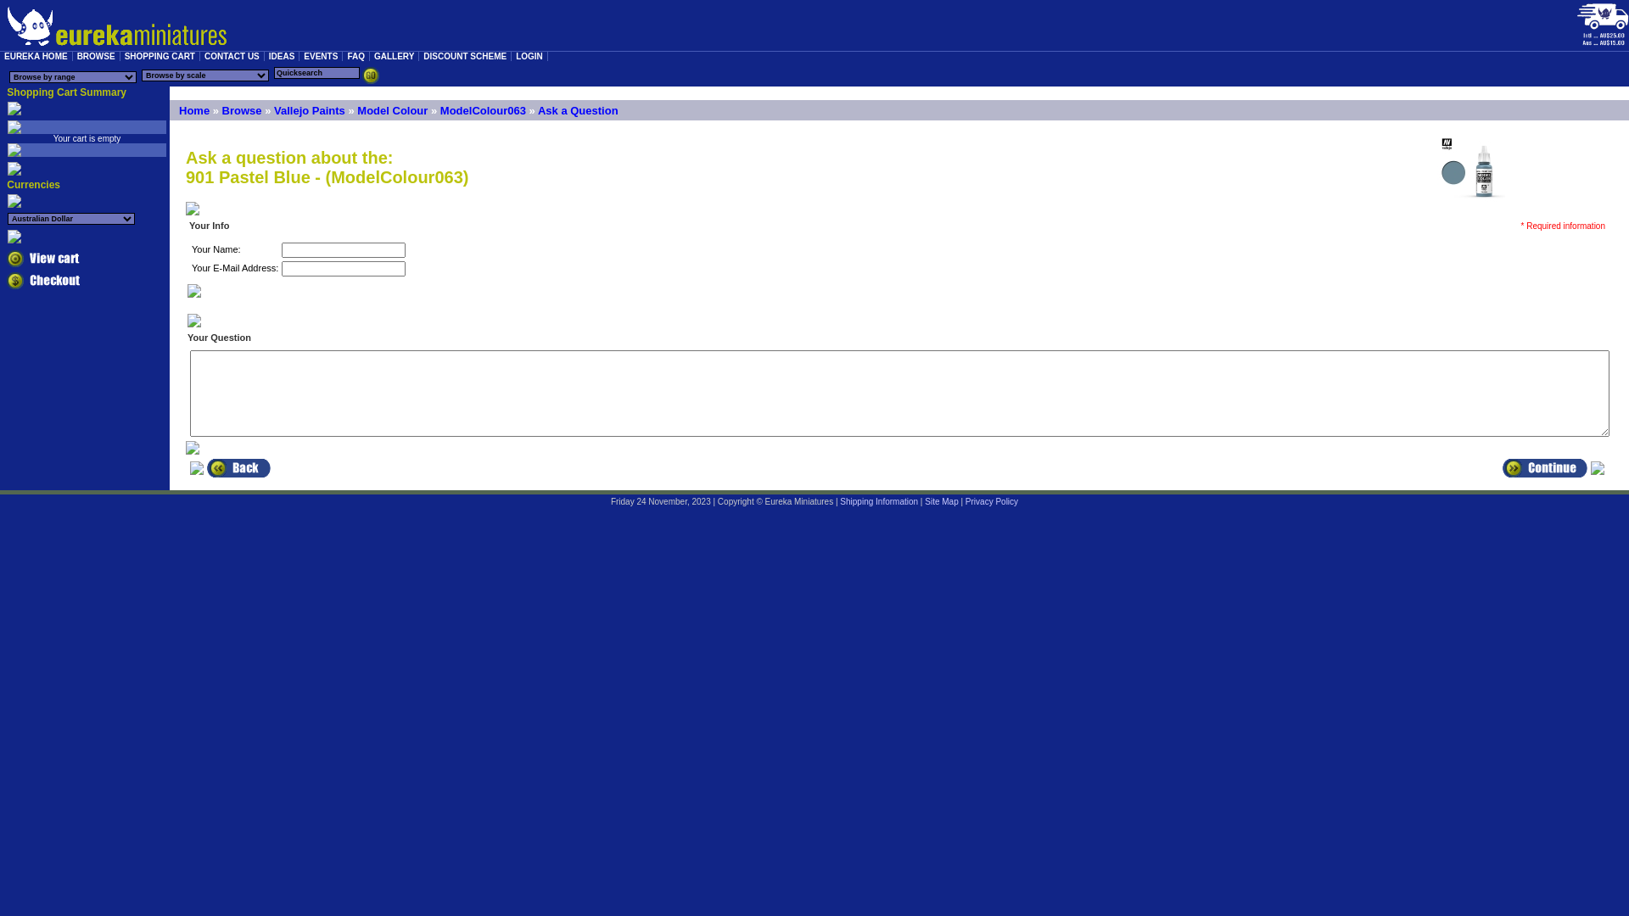 The height and width of the screenshot is (916, 1629). Describe the element at coordinates (879, 500) in the screenshot. I see `'Shipping Information'` at that location.